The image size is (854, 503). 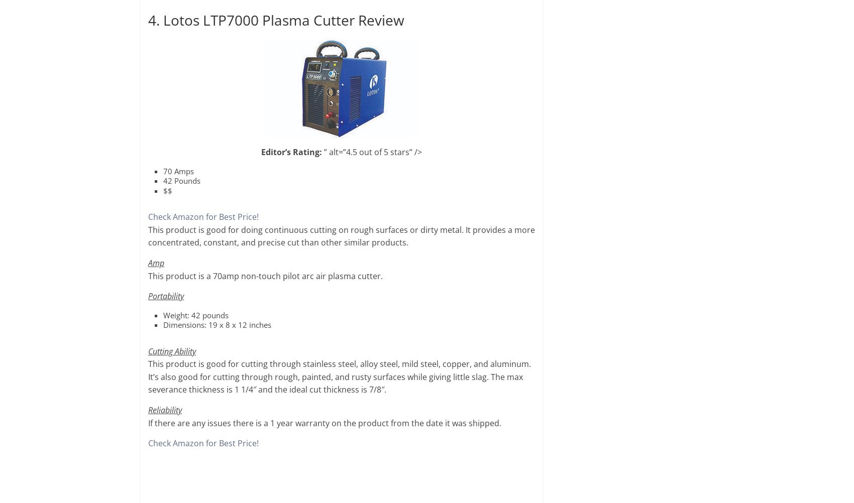 What do you see at coordinates (171, 350) in the screenshot?
I see `'Cutting Ability'` at bounding box center [171, 350].